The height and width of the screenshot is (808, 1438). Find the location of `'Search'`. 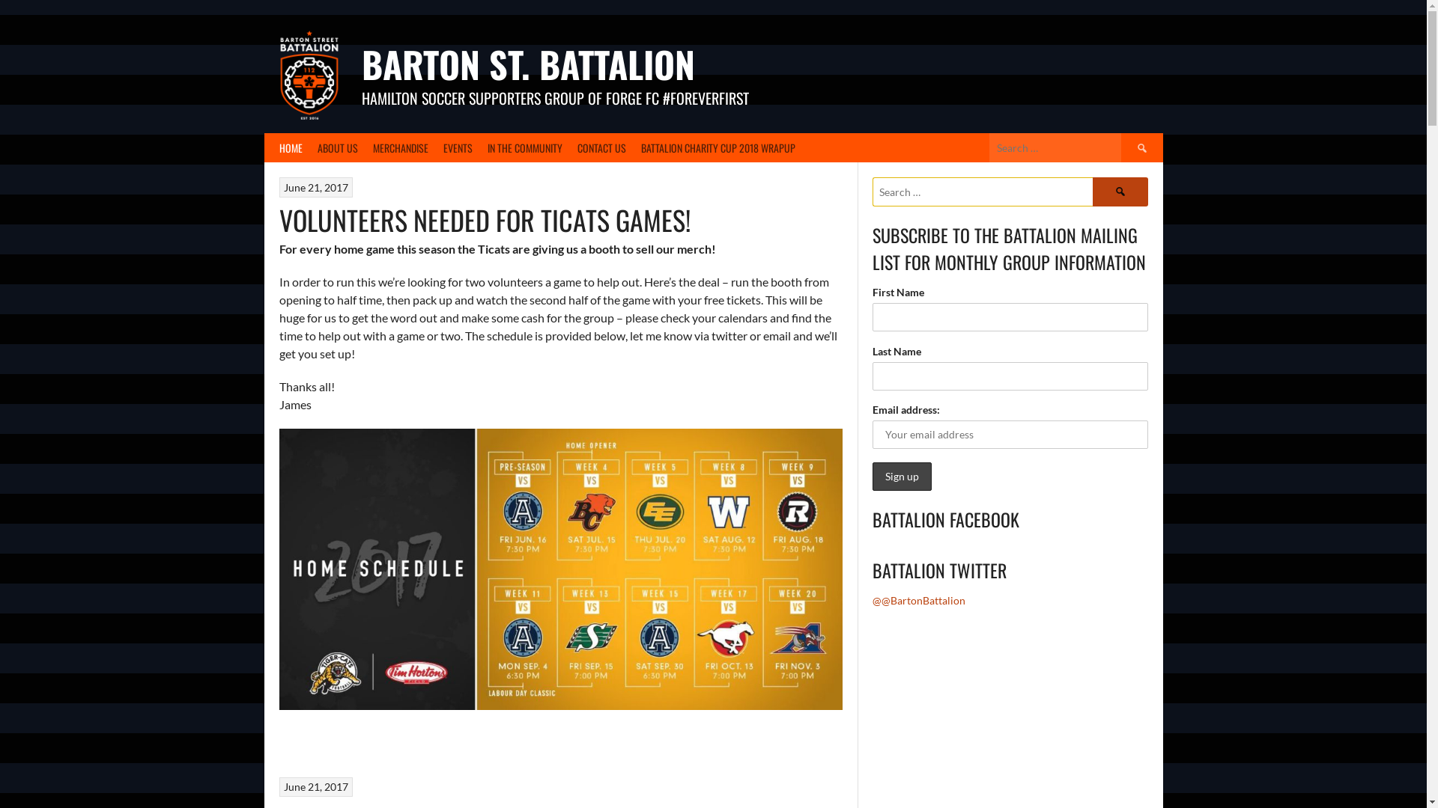

'Search' is located at coordinates (1120, 191).